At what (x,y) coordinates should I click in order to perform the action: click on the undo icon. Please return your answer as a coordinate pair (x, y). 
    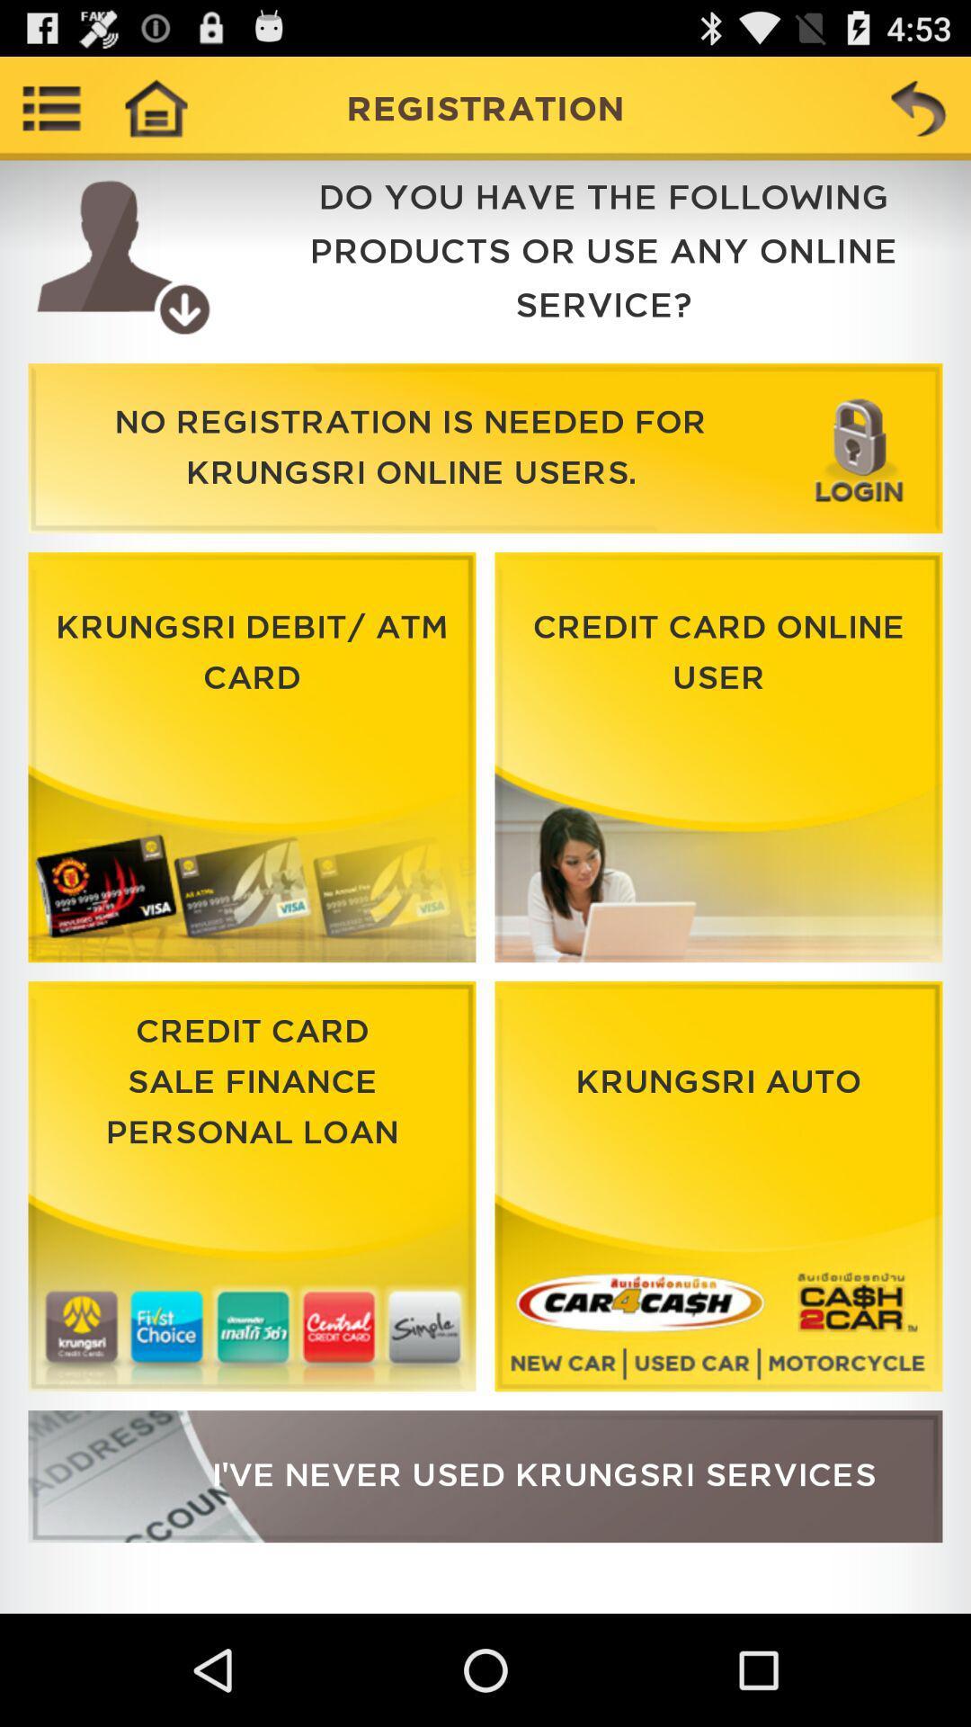
    Looking at the image, I should click on (919, 115).